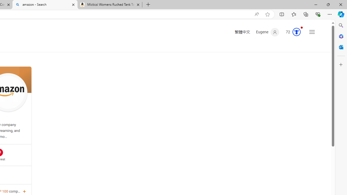 The width and height of the screenshot is (347, 195). What do you see at coordinates (268, 32) in the screenshot?
I see `'Eugene'` at bounding box center [268, 32].